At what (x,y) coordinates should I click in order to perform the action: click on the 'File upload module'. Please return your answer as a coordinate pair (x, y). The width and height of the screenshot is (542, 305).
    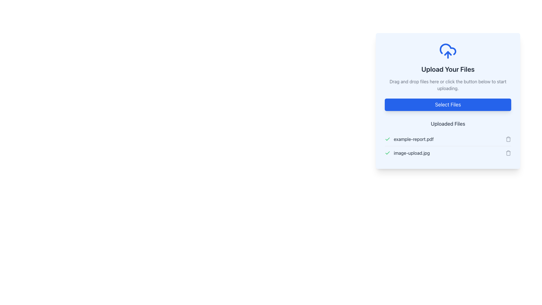
    Looking at the image, I should click on (448, 101).